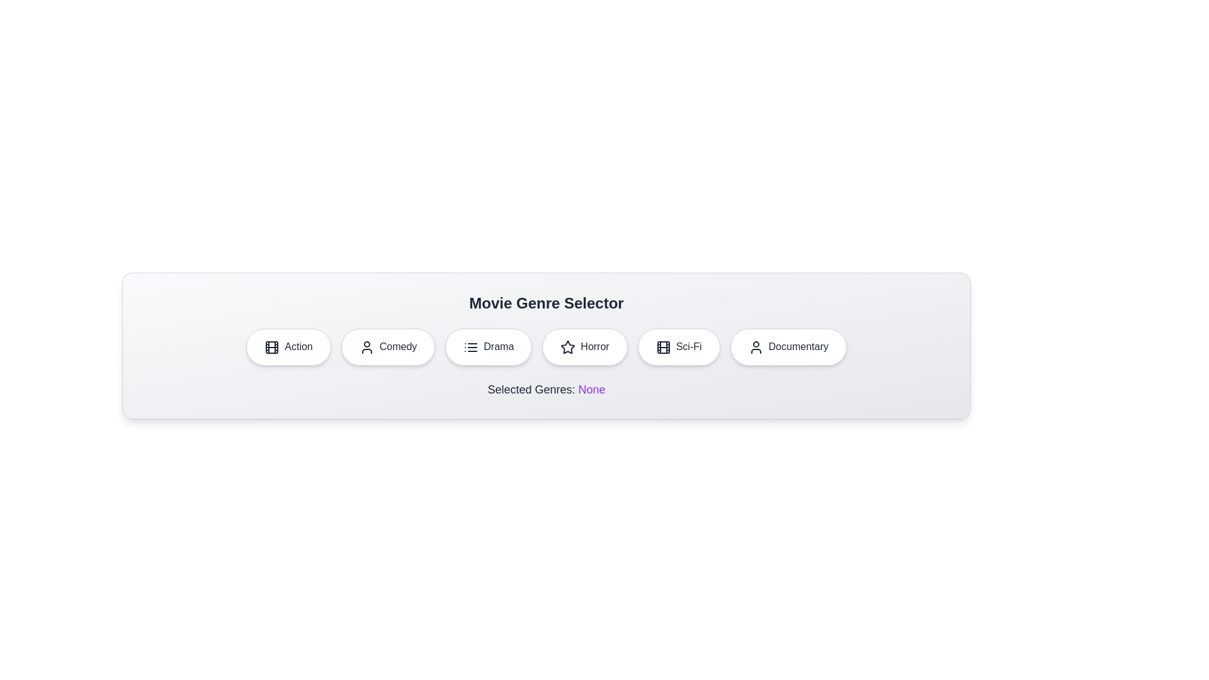 This screenshot has width=1209, height=680. What do you see at coordinates (662, 347) in the screenshot?
I see `the details of the film strip icon located within the rounded white 'Sci-Fi' button, which is the fifth button in the genre selection row` at bounding box center [662, 347].